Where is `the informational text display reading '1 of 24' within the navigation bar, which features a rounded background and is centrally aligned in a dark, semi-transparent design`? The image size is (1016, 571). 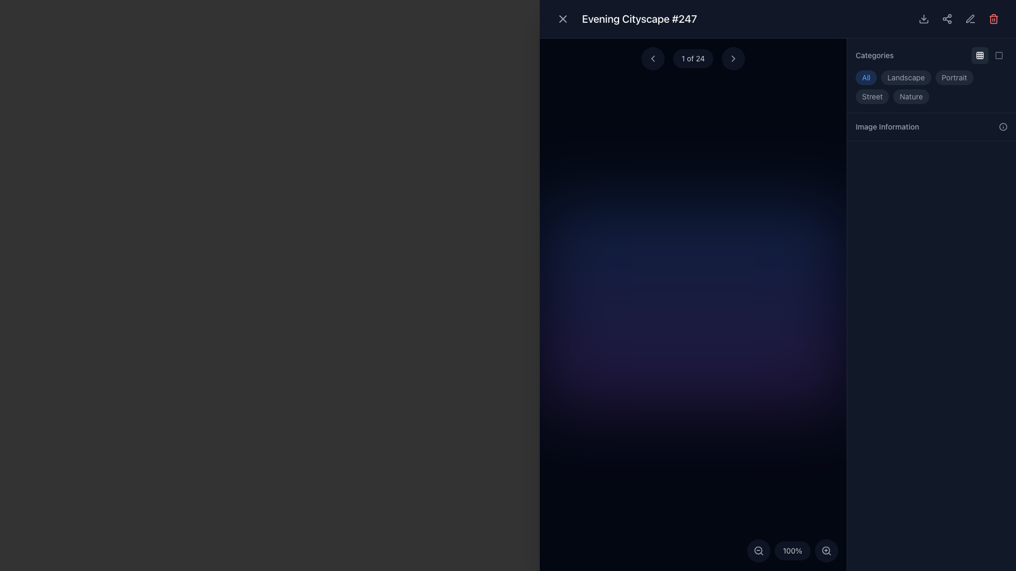 the informational text display reading '1 of 24' within the navigation bar, which features a rounded background and is centrally aligned in a dark, semi-transparent design is located at coordinates (693, 59).